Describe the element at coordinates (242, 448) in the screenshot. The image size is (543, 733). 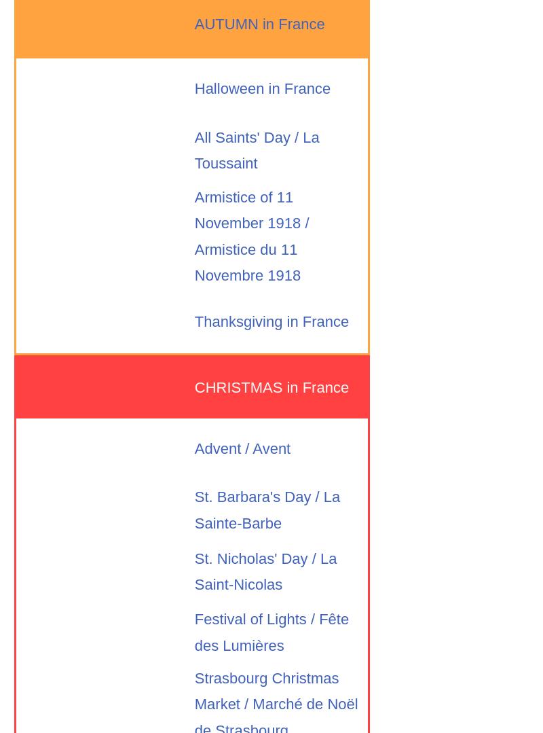
I see `'Advent / Avent'` at that location.